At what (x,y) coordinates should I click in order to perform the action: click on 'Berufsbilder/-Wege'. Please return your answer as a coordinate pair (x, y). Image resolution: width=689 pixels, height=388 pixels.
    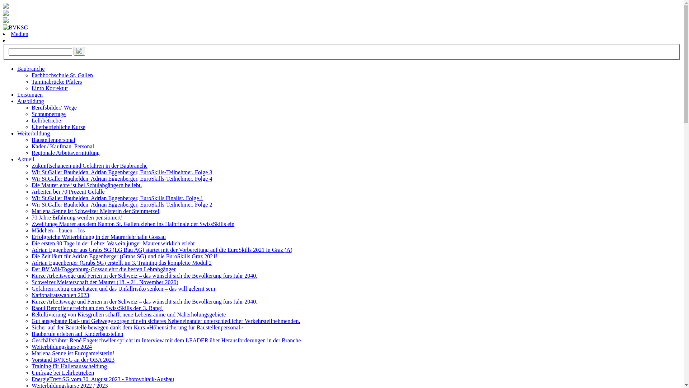
    Looking at the image, I should click on (53, 107).